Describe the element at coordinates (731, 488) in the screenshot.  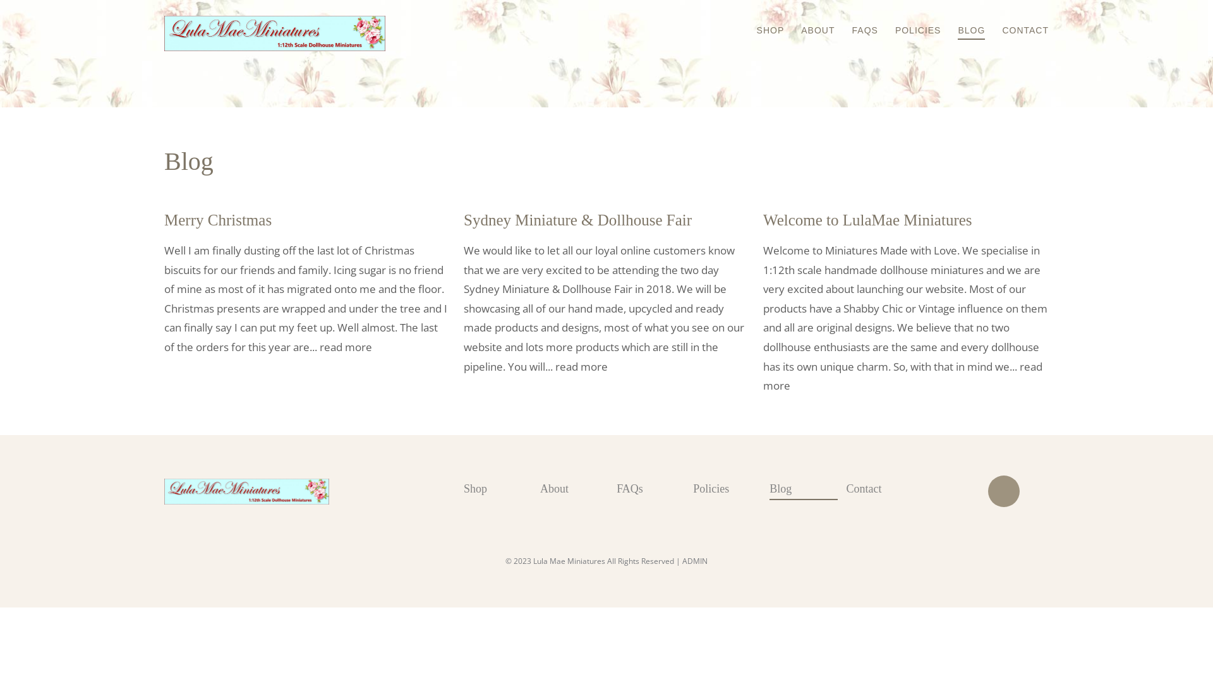
I see `'Policies'` at that location.